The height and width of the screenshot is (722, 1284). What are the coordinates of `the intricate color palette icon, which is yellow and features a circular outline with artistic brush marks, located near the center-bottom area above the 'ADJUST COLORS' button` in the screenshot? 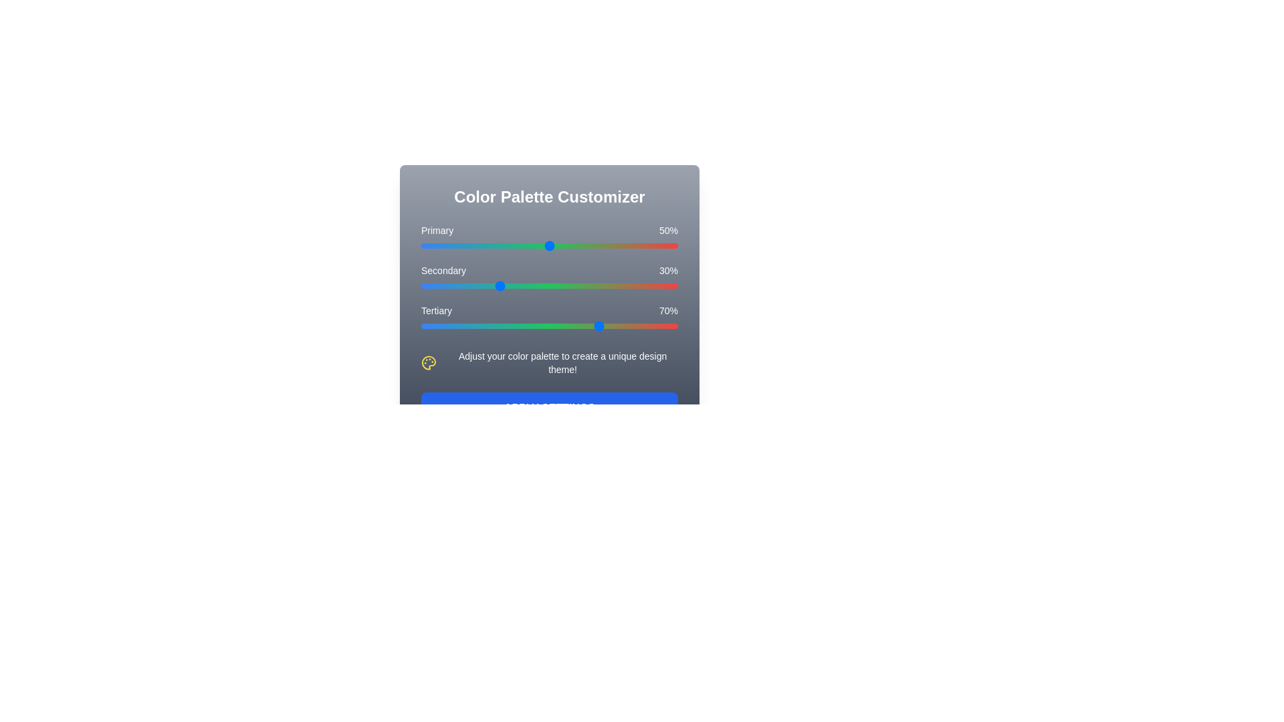 It's located at (429, 363).